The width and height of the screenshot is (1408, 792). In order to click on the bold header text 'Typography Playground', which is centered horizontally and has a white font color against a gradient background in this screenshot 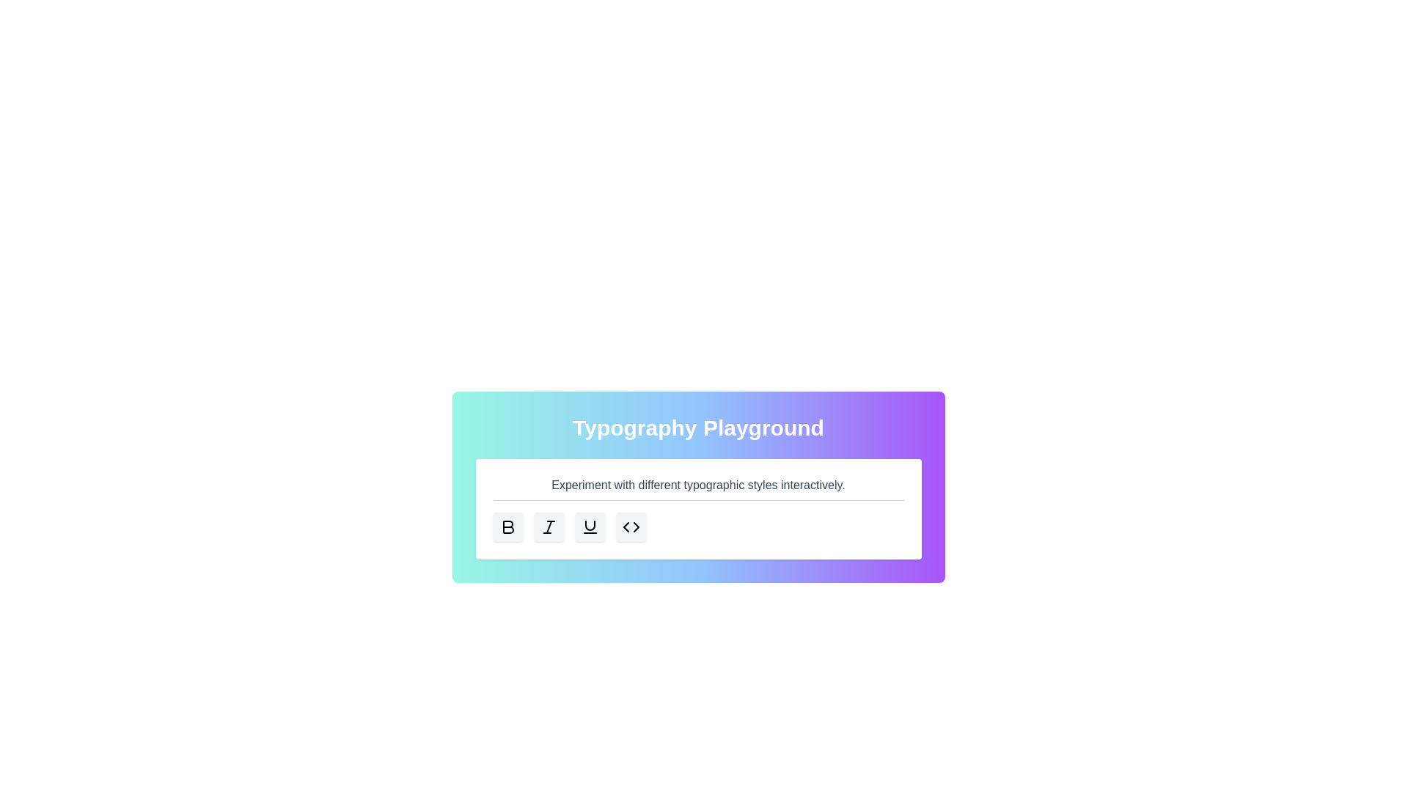, I will do `click(697, 428)`.